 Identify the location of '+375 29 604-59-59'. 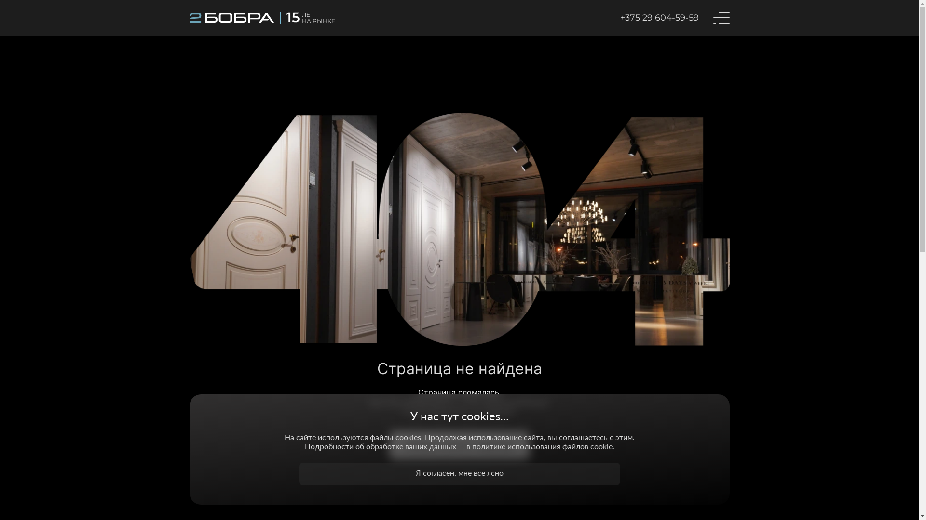
(659, 18).